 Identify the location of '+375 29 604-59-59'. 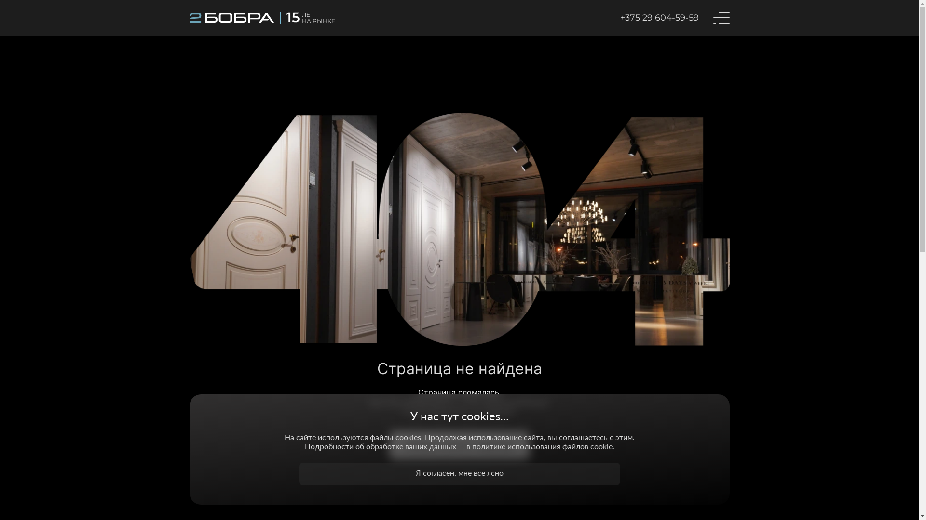
(659, 18).